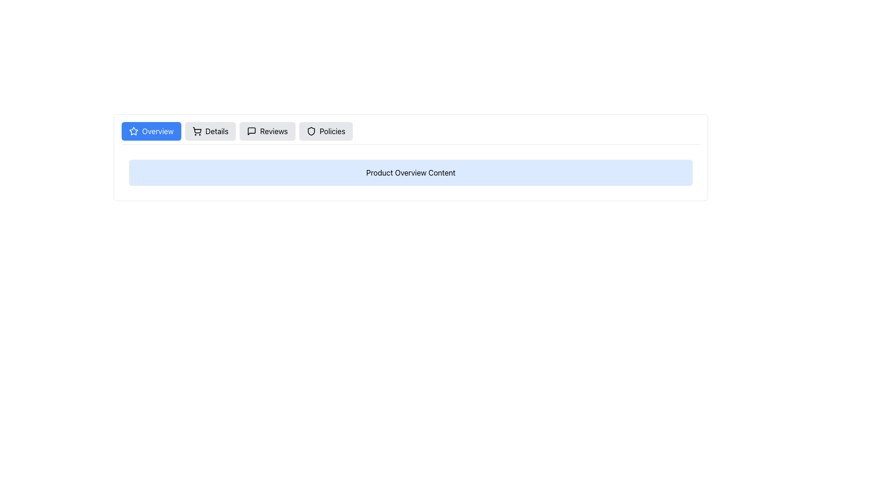 Image resolution: width=895 pixels, height=503 pixels. What do you see at coordinates (133, 131) in the screenshot?
I see `the star icon located within the 'Overview' button, which is the first tab in the navigation options at the top of the interface` at bounding box center [133, 131].